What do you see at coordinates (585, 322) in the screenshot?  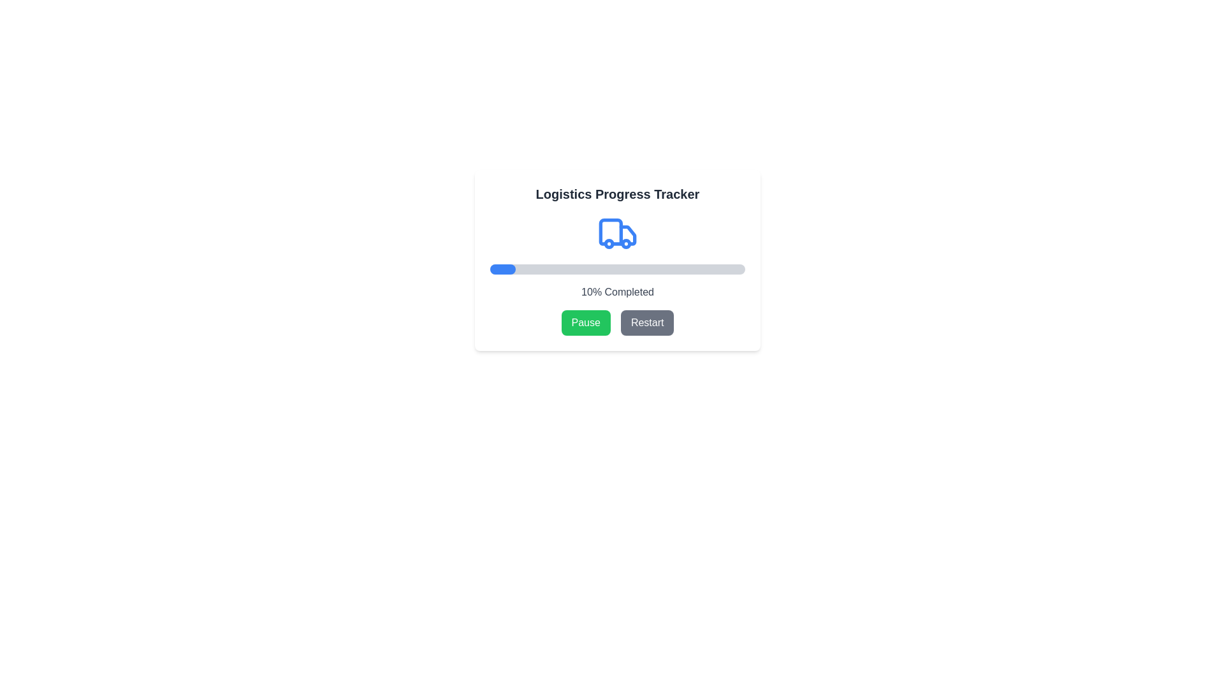 I see `the 'Pause' button, which is a rectangular button with a green background and white text, located towards the bottom-center of the interface` at bounding box center [585, 322].